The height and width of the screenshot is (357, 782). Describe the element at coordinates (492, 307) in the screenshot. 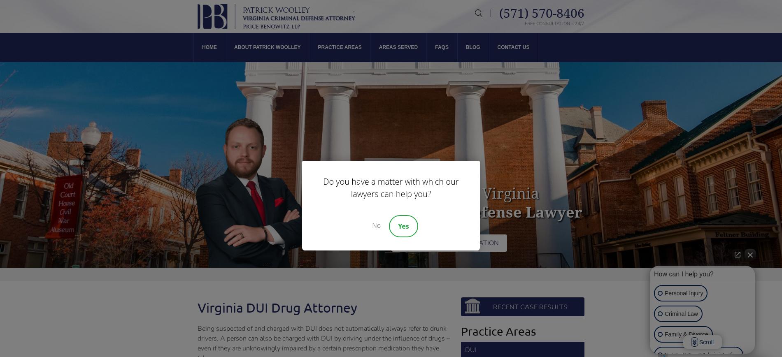

I see `'Recent Case Results'` at that location.